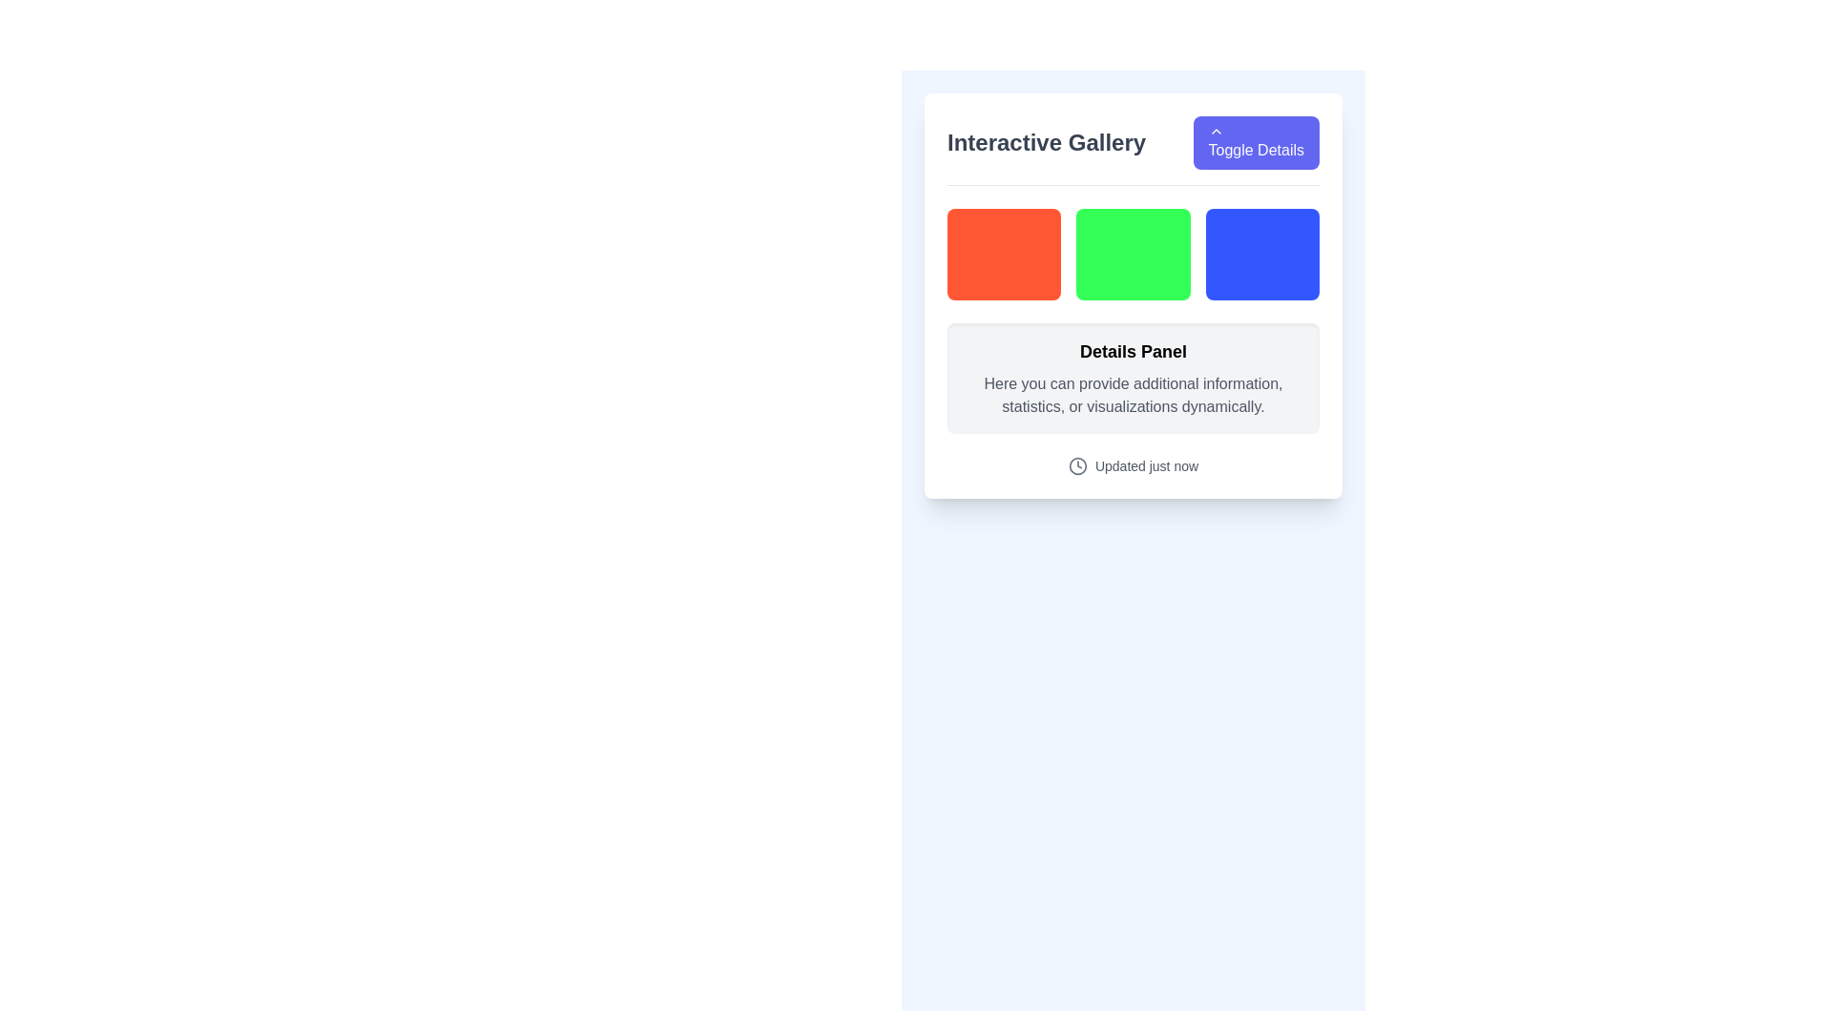 The height and width of the screenshot is (1030, 1832). I want to click on the third rectangular colored tile with a bright blue background in the Interactive Gallery section, so click(1262, 253).